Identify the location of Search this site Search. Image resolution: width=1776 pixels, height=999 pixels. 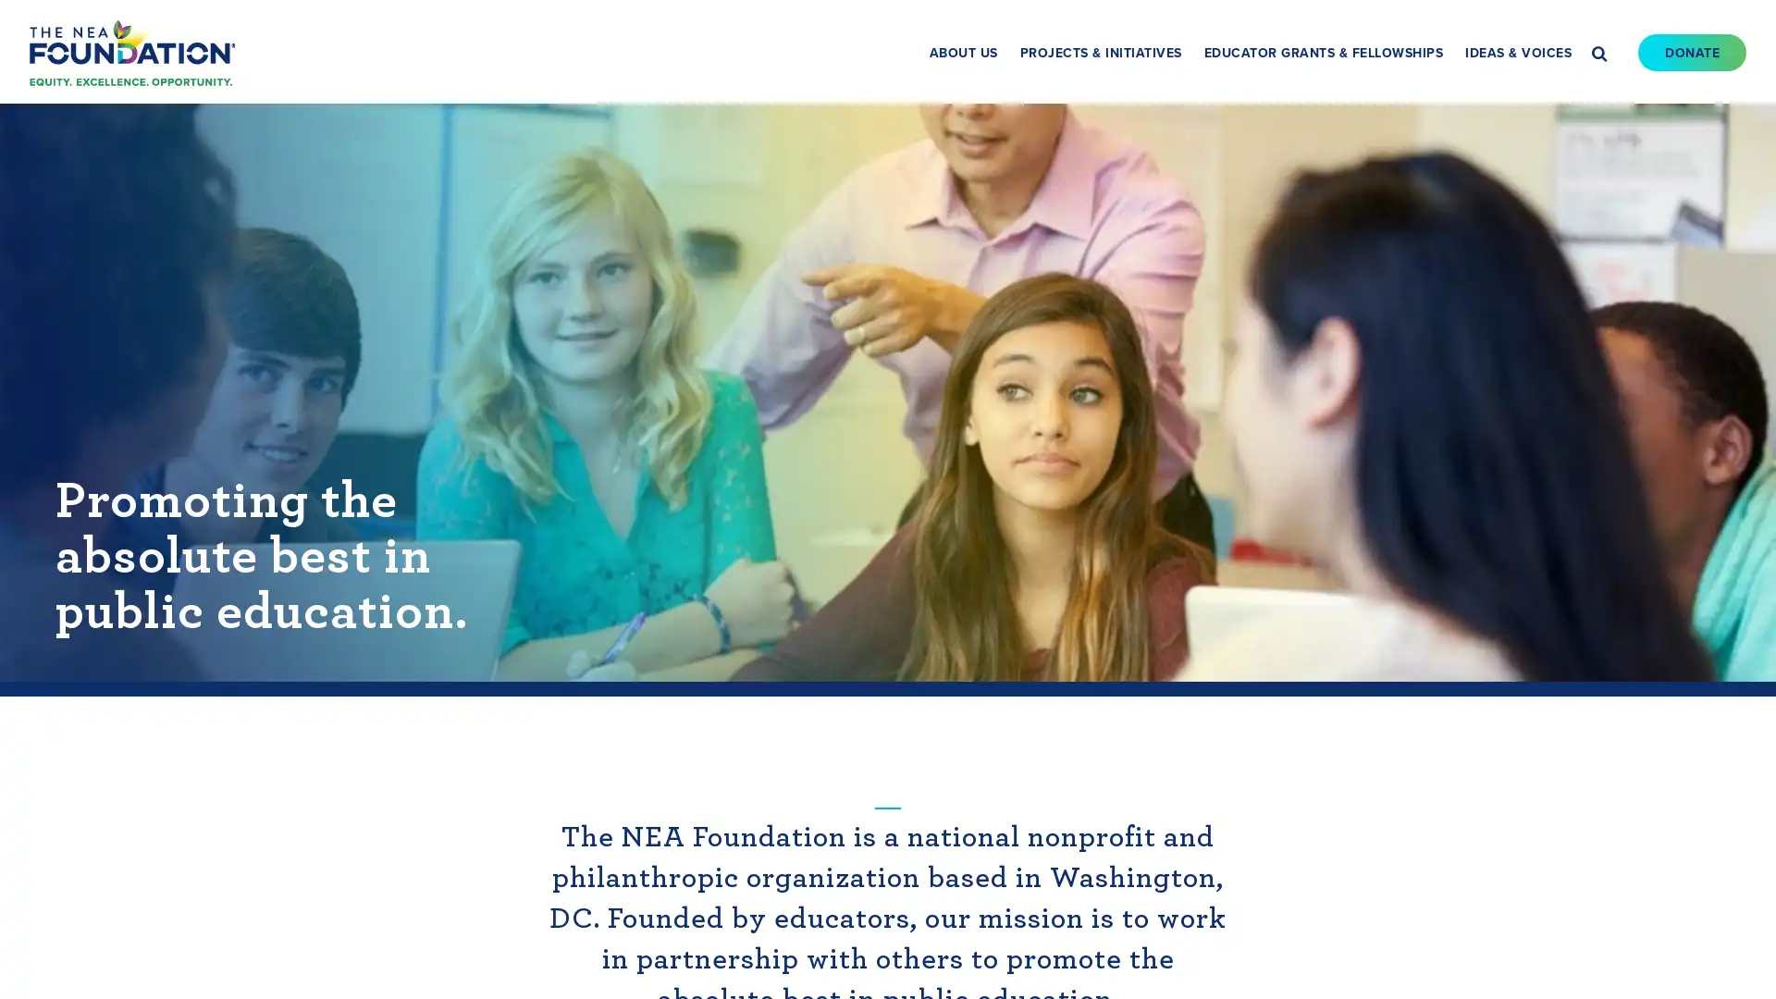
(1594, 55).